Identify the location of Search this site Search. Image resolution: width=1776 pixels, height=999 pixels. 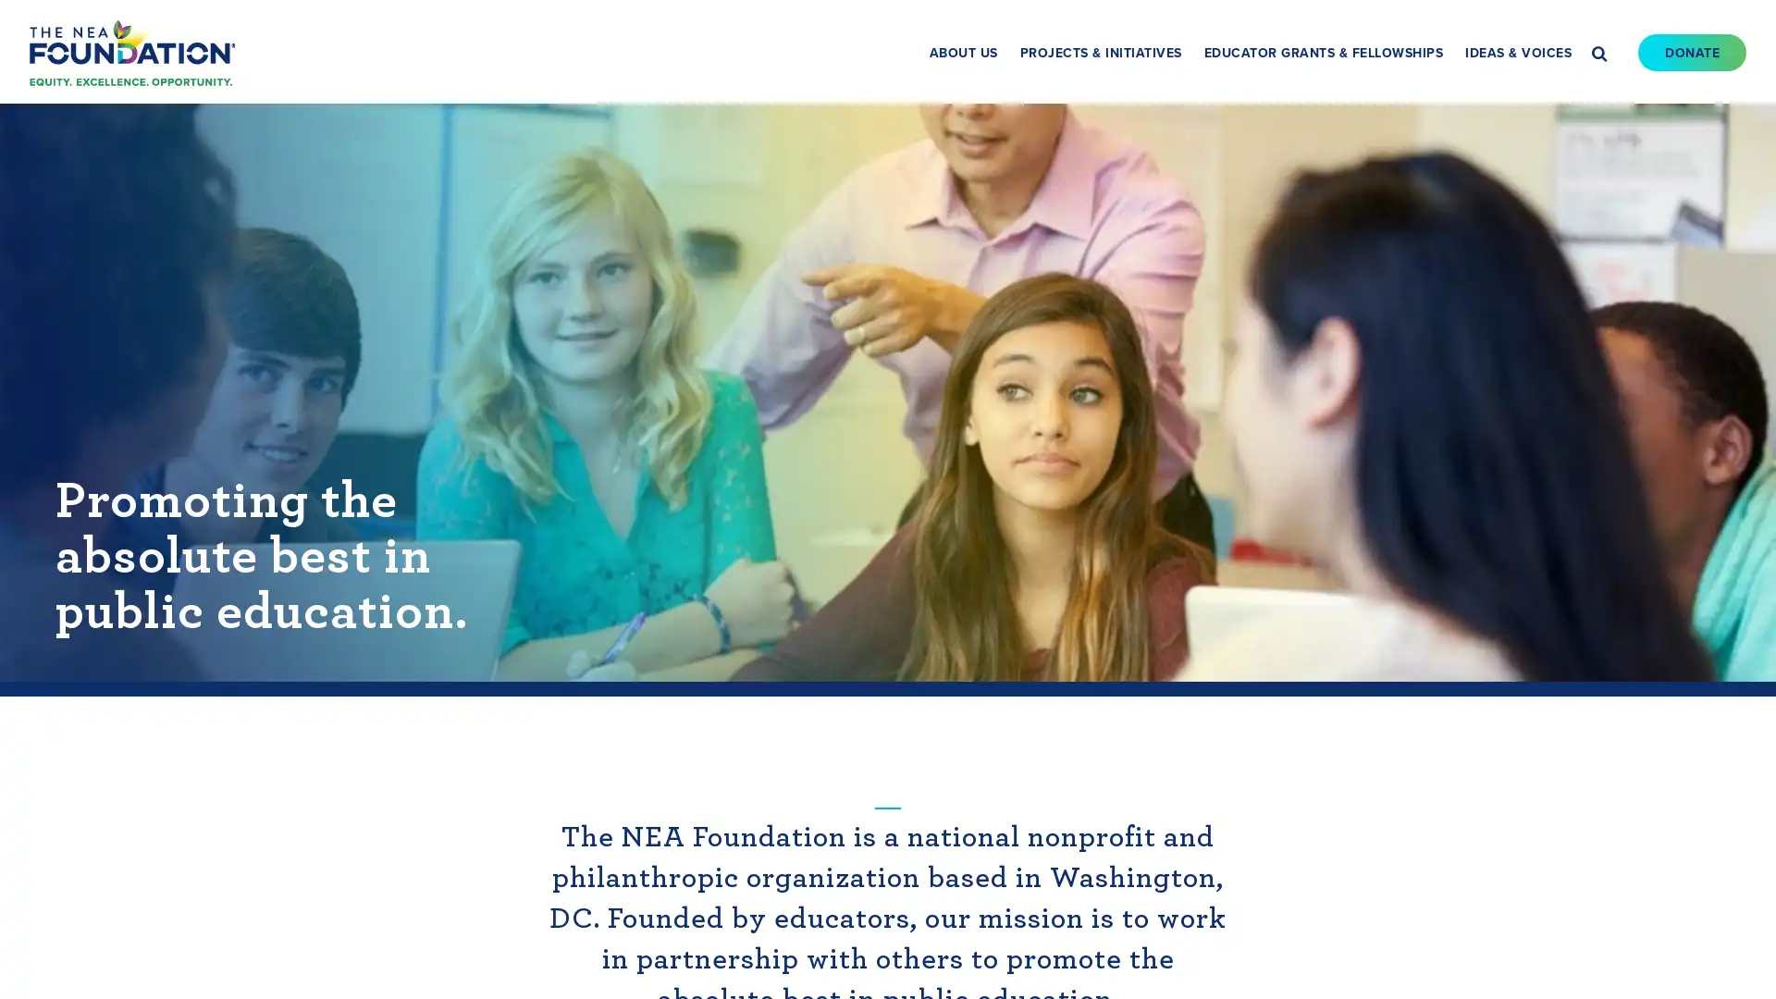
(1594, 55).